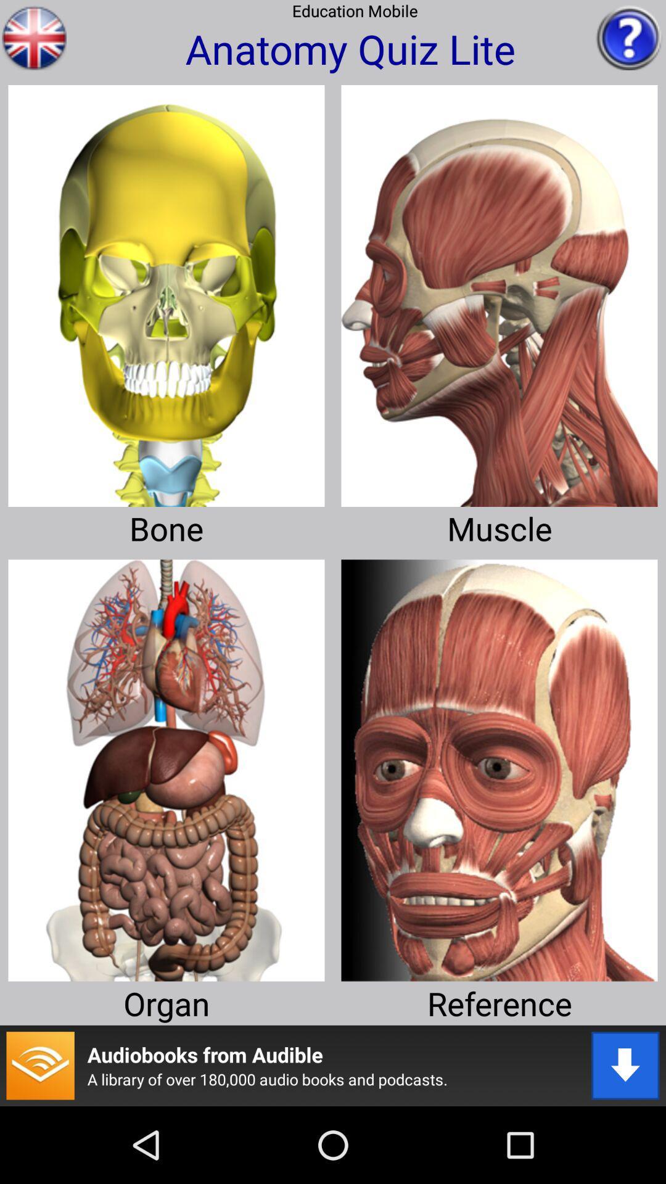  Describe the element at coordinates (166, 765) in the screenshot. I see `organ selection` at that location.